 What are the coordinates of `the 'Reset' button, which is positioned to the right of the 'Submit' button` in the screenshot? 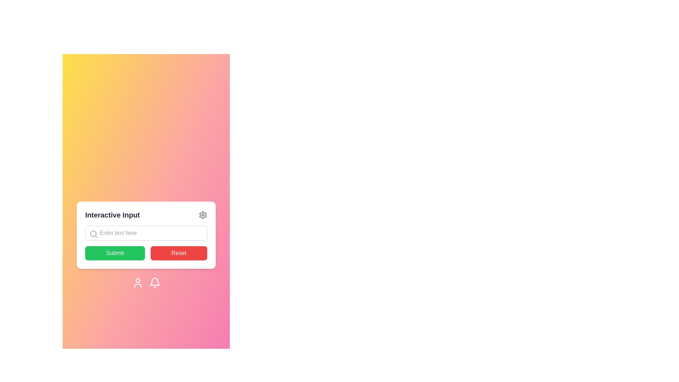 It's located at (179, 253).